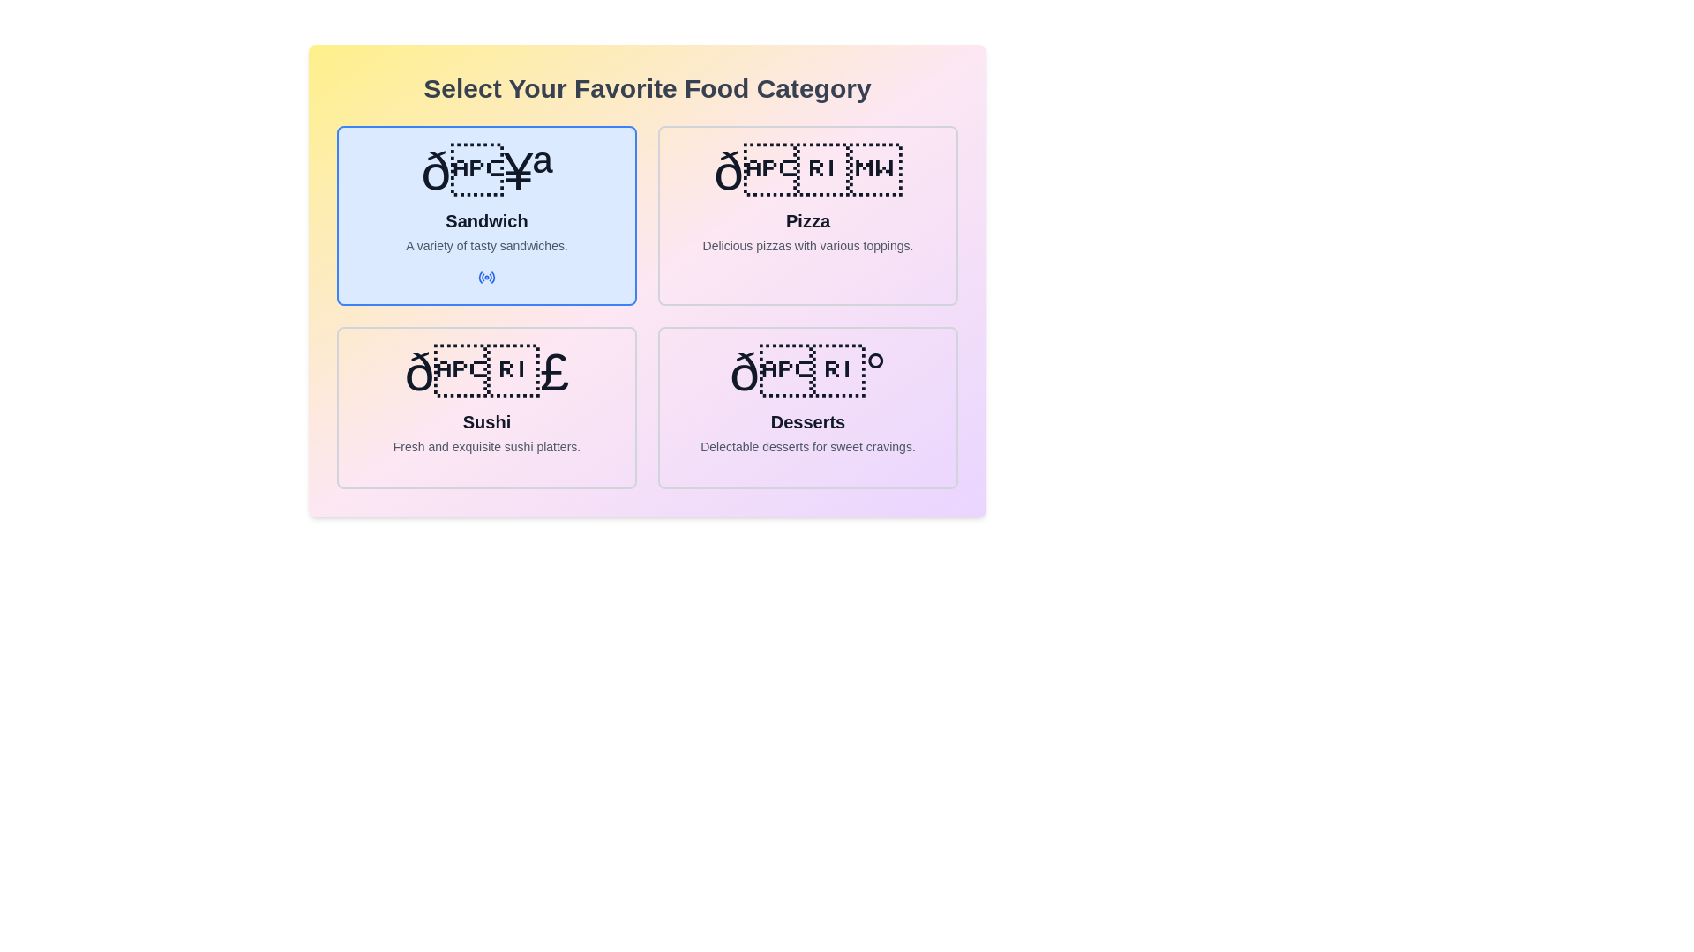 The image size is (1694, 952). Describe the element at coordinates (807, 407) in the screenshot. I see `the 'Desserts' Selection Card, which is the fourth card in a grid of four, located in the bottom-right corner of the interface` at that location.